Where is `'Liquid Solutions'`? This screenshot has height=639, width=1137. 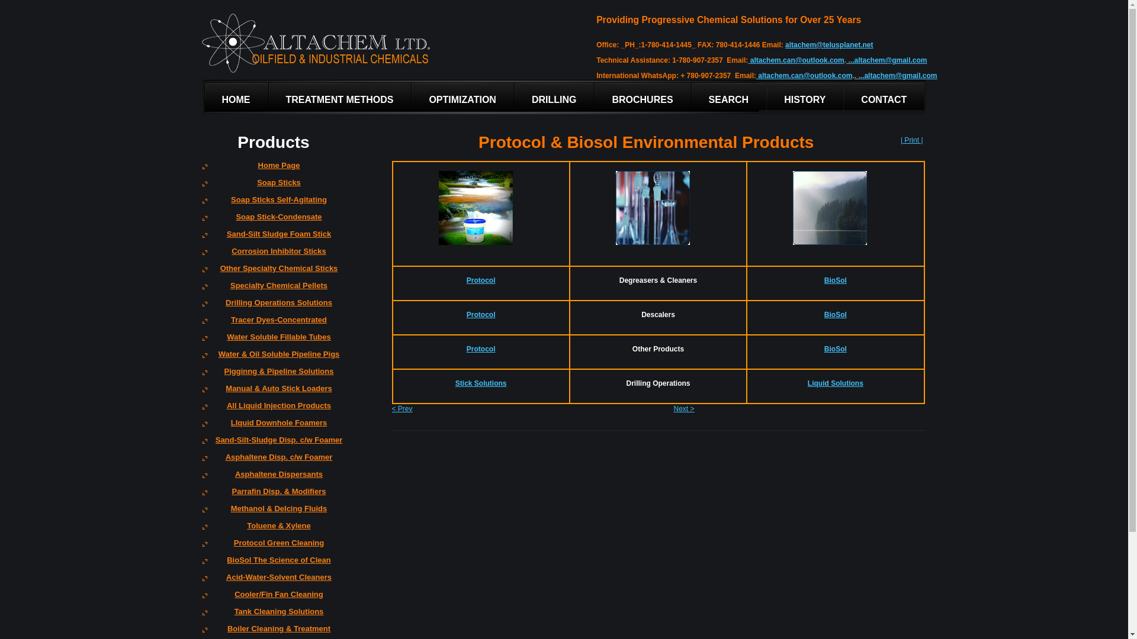
'Liquid Solutions' is located at coordinates (835, 383).